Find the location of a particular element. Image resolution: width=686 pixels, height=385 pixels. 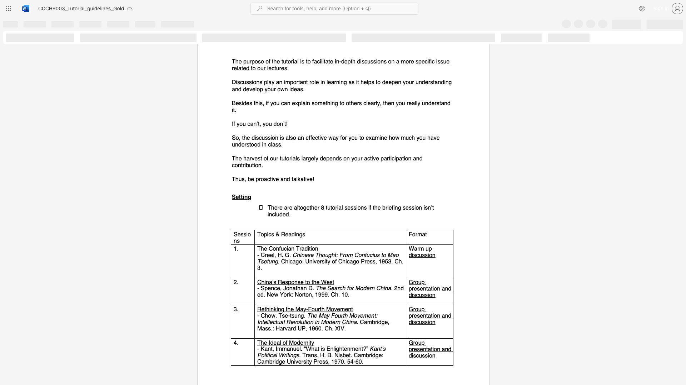

the 2th character "T" in the text is located at coordinates (298, 248).